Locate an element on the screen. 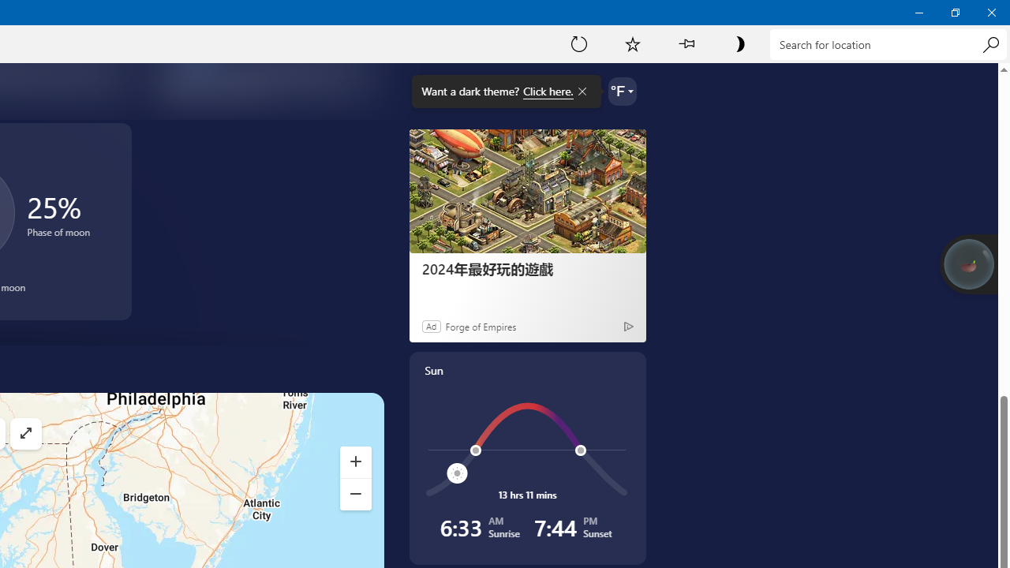 The image size is (1010, 568). 'Search' is located at coordinates (989, 43).